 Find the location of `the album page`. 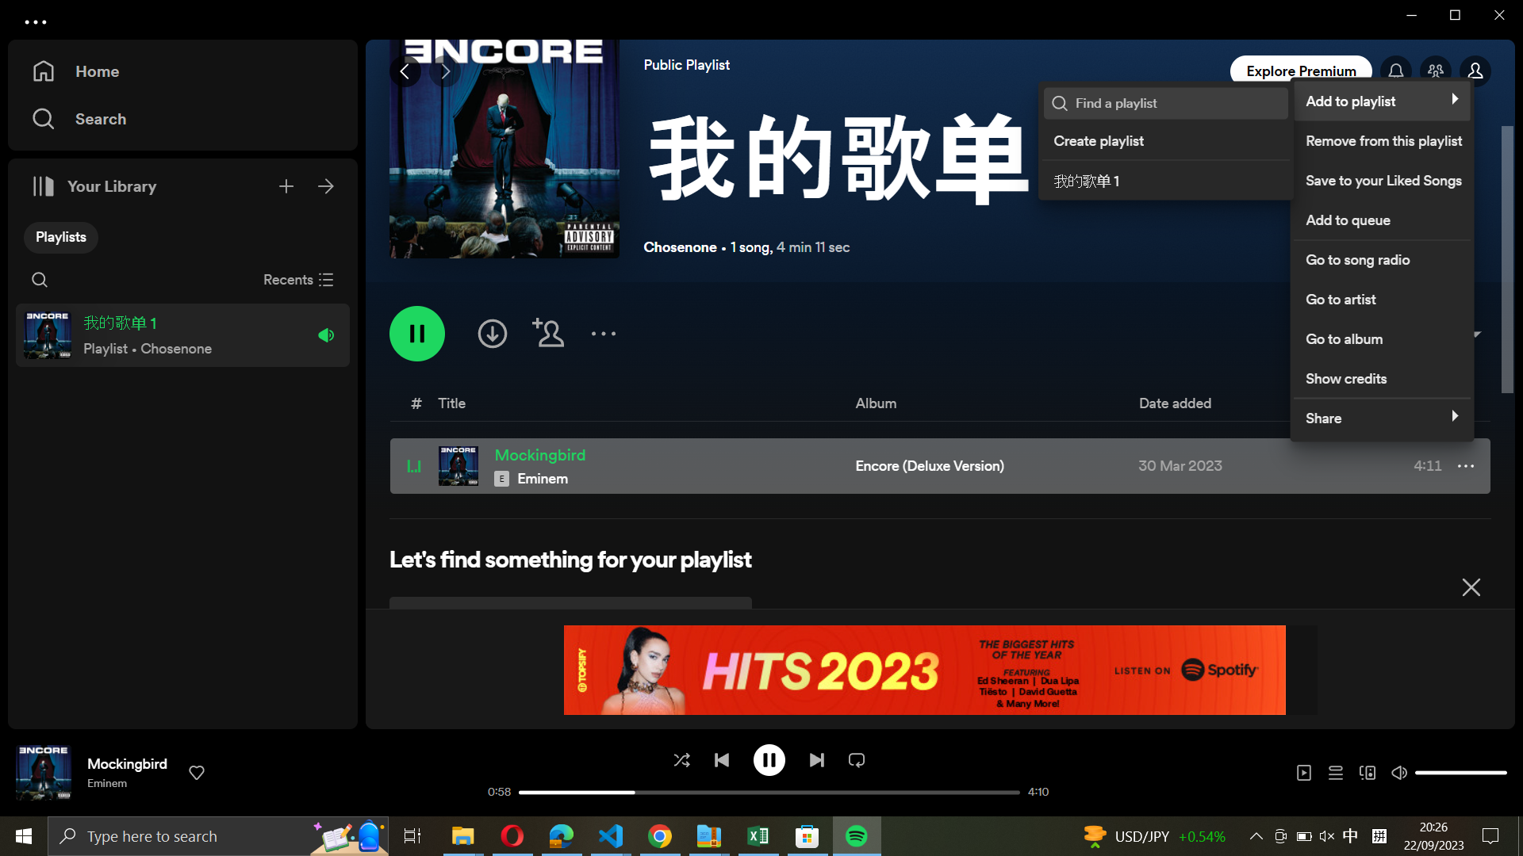

the album page is located at coordinates (1378, 334).